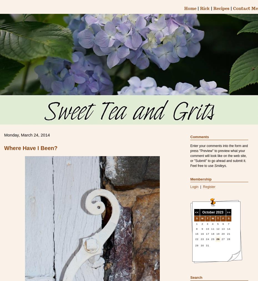 This screenshot has height=281, width=258. What do you see at coordinates (197, 212) in the screenshot?
I see `'<<'` at bounding box center [197, 212].